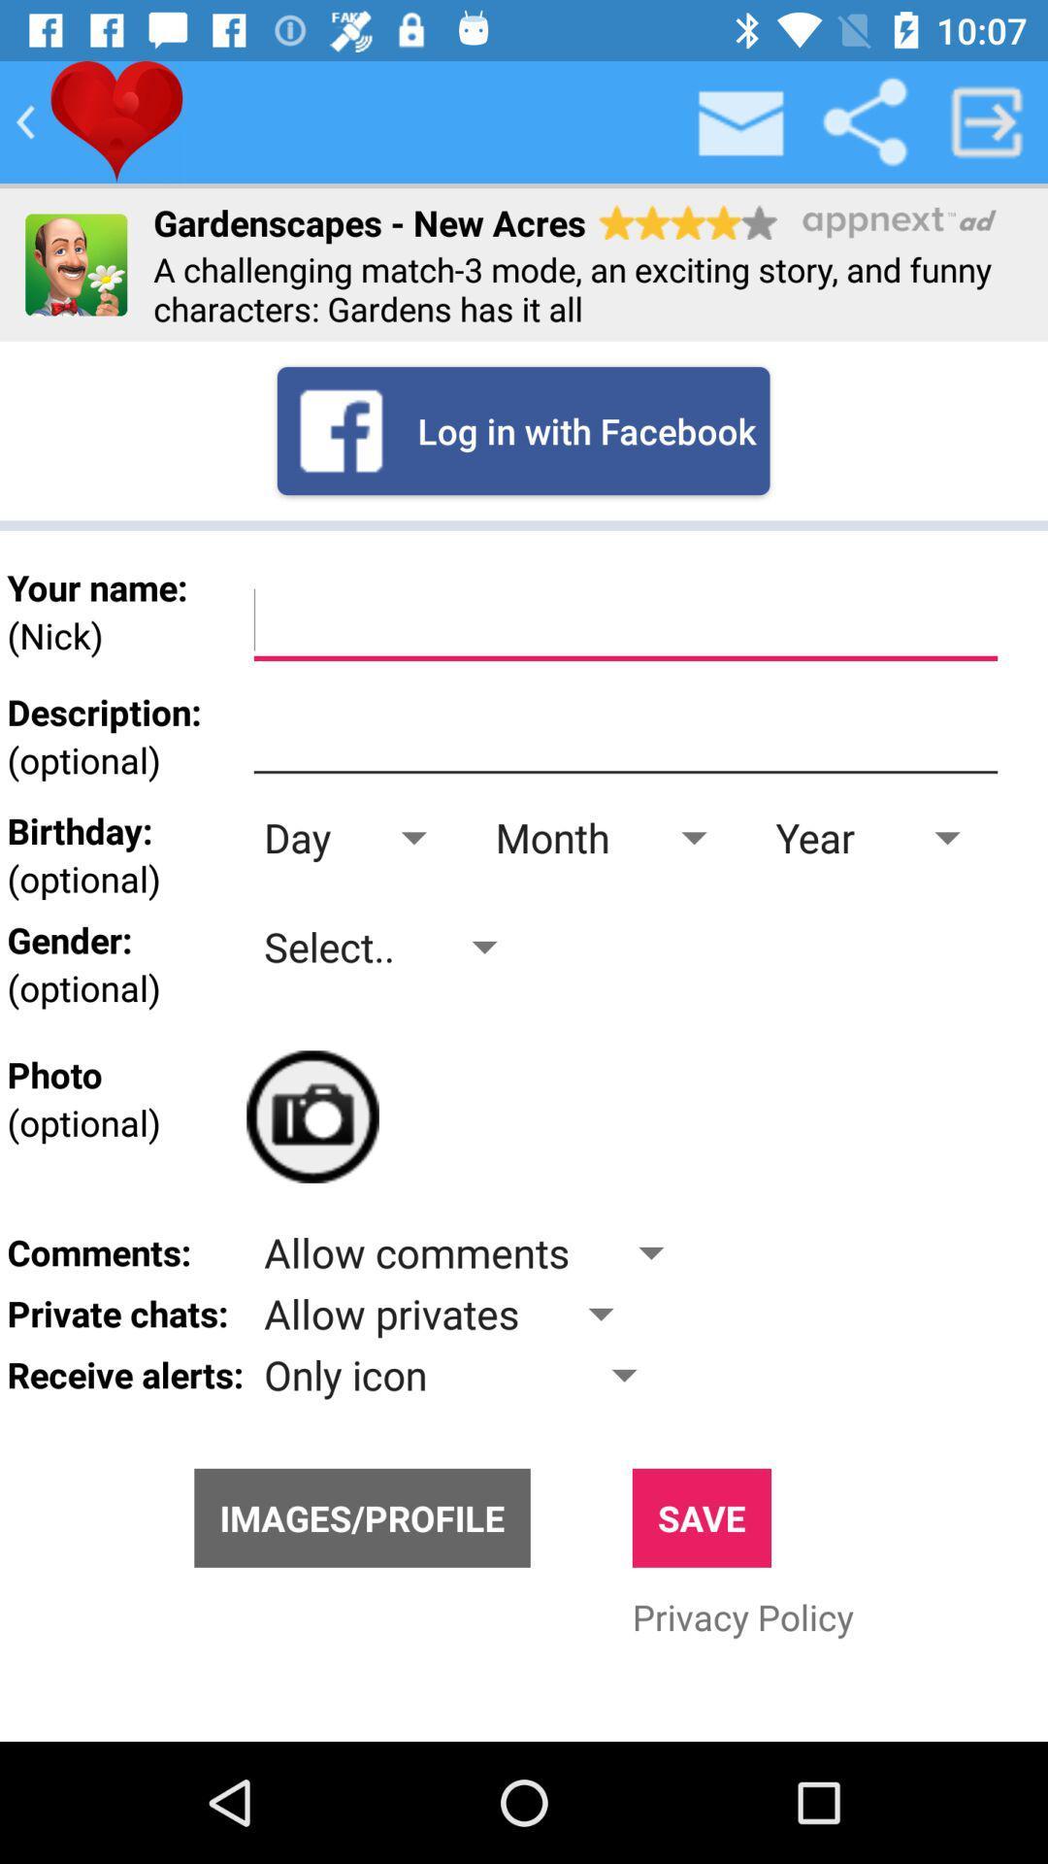 The width and height of the screenshot is (1048, 1864). What do you see at coordinates (311, 1116) in the screenshot?
I see `camera` at bounding box center [311, 1116].